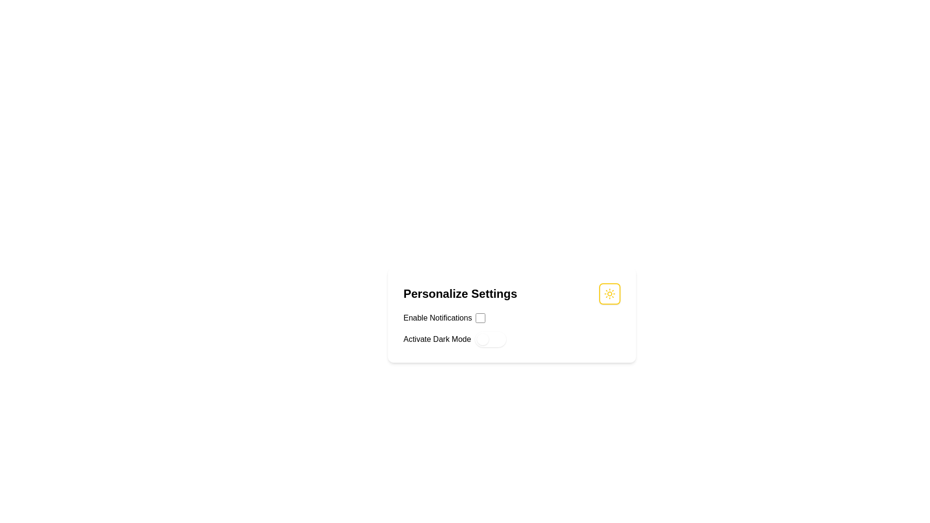 This screenshot has width=930, height=523. What do you see at coordinates (480, 318) in the screenshot?
I see `the square-shaped checkbox with a blue border and white interior located next to the 'Enable Notifications' text` at bounding box center [480, 318].